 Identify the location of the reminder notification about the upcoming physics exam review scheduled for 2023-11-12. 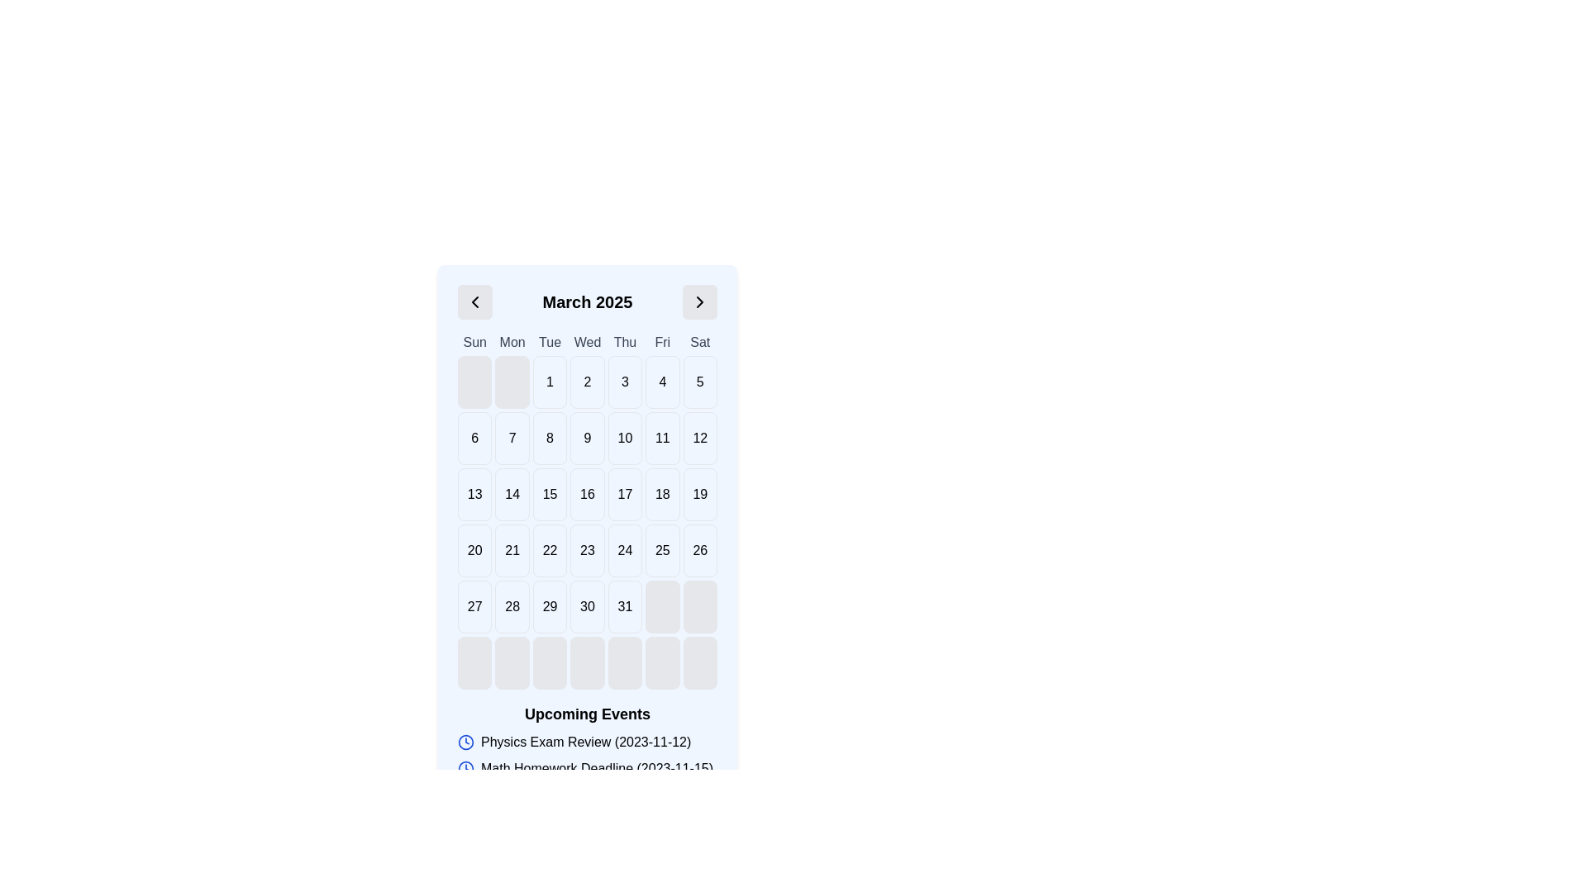
(587, 741).